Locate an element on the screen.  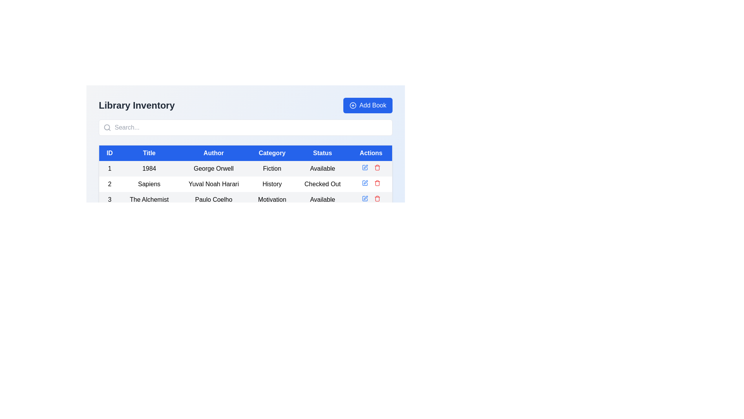
the circular SVG element that is part of the 'Add Book' button, which serves as an icon or indicator, located at the center coordinates is located at coordinates (352, 106).